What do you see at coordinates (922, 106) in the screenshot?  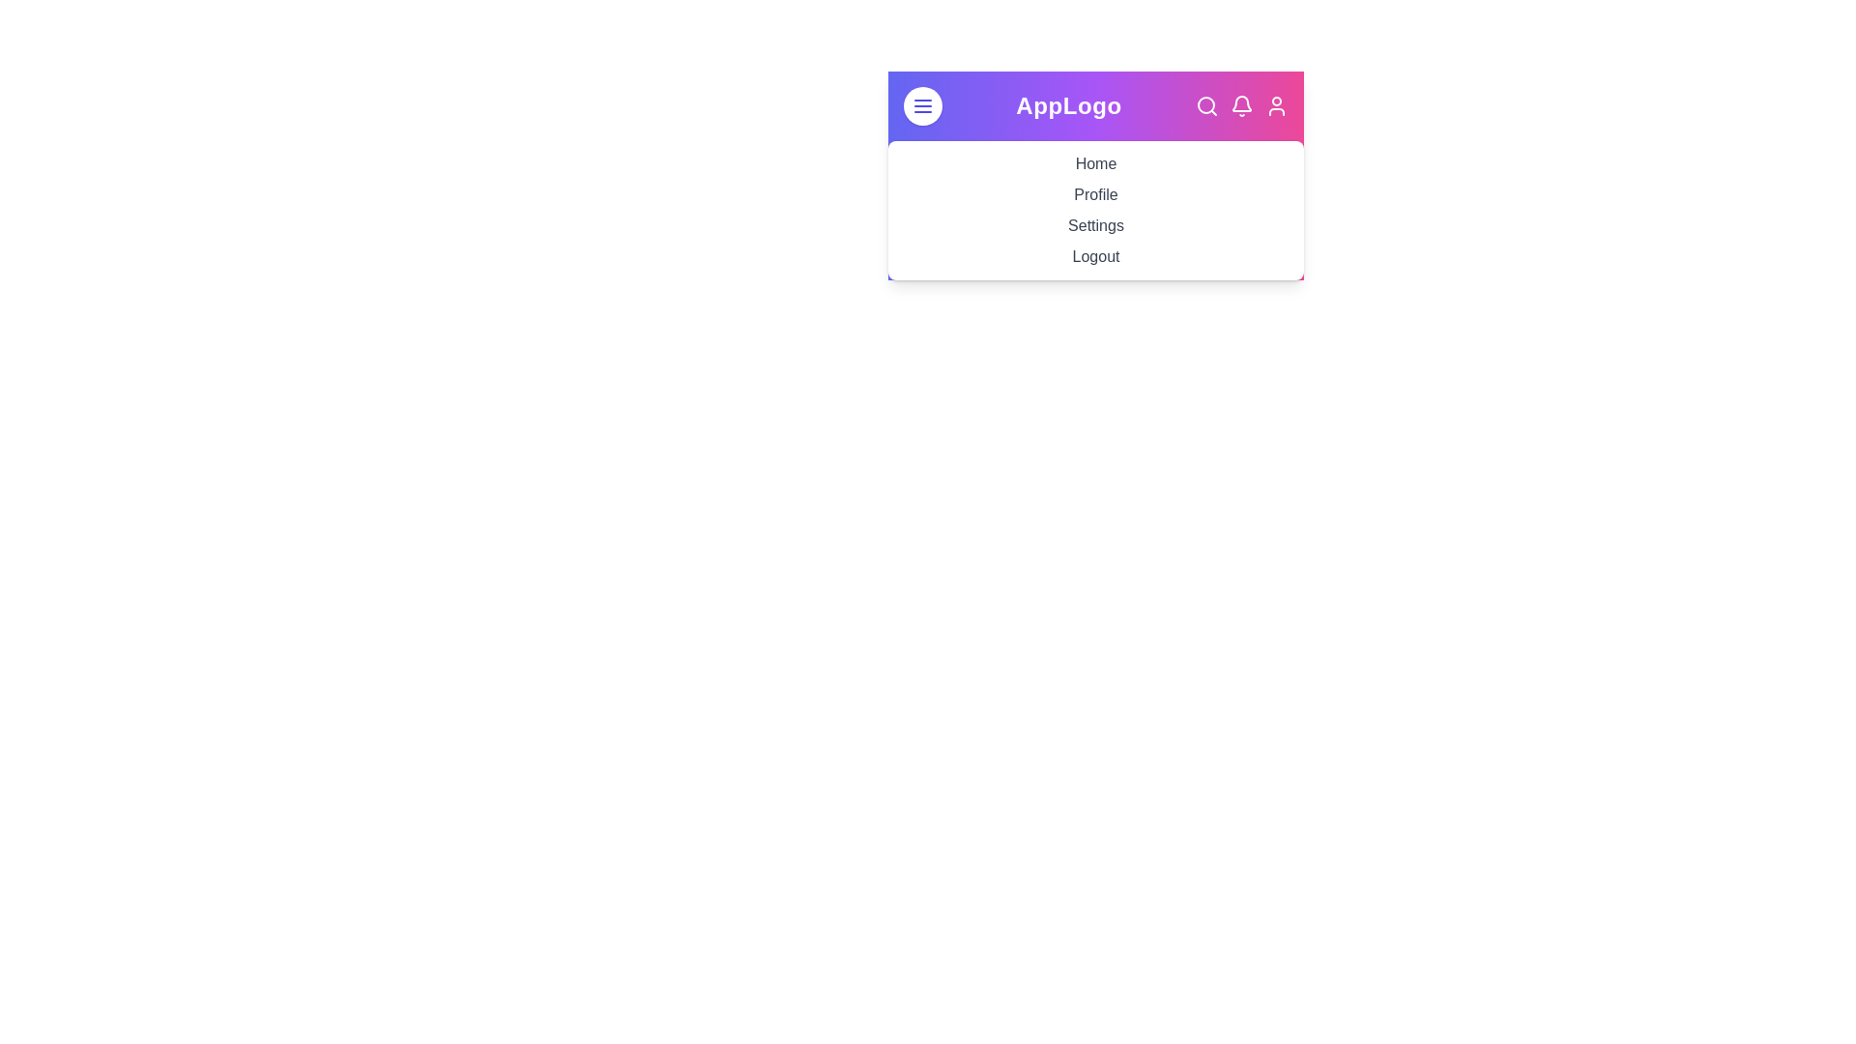 I see `the menu toggle button to expand or collapse the menu` at bounding box center [922, 106].